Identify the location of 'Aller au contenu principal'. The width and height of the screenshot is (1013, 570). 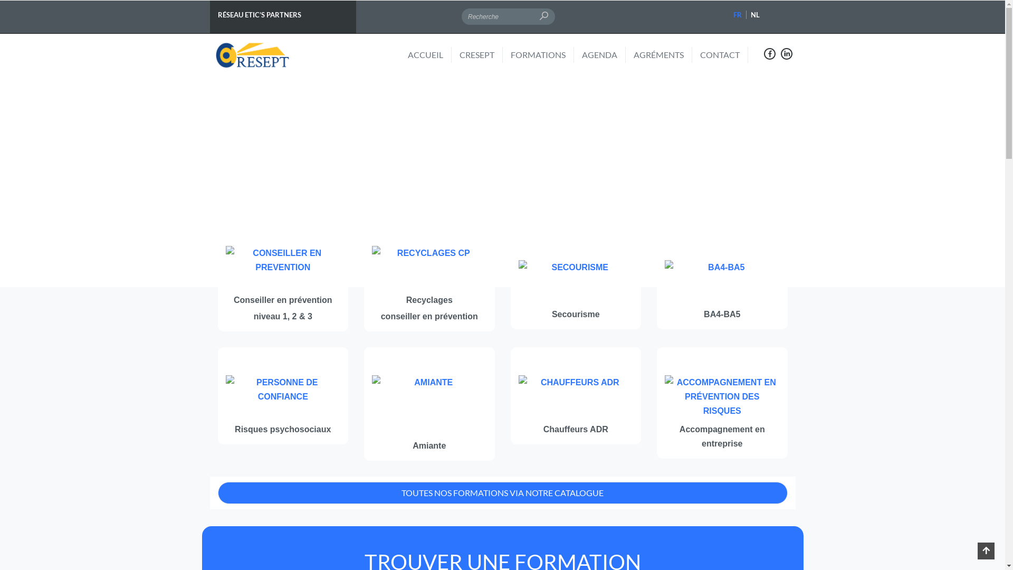
(0, 0).